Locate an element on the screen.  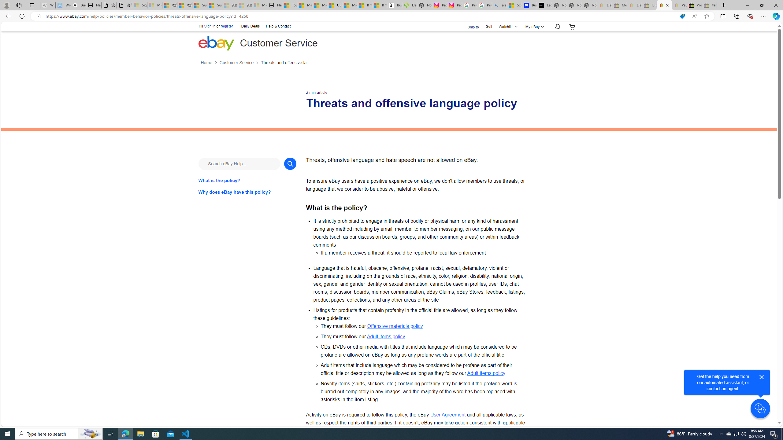
'Wikipedia - Sleeping' is located at coordinates (47, 5).